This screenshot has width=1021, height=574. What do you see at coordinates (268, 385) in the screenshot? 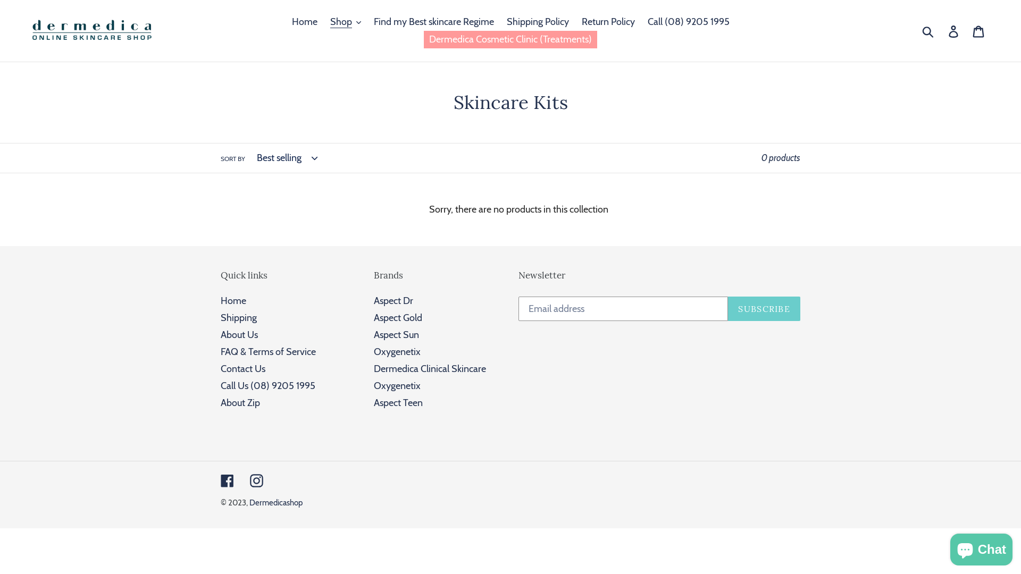
I see `'Call Us (08) 9205 1995'` at bounding box center [268, 385].